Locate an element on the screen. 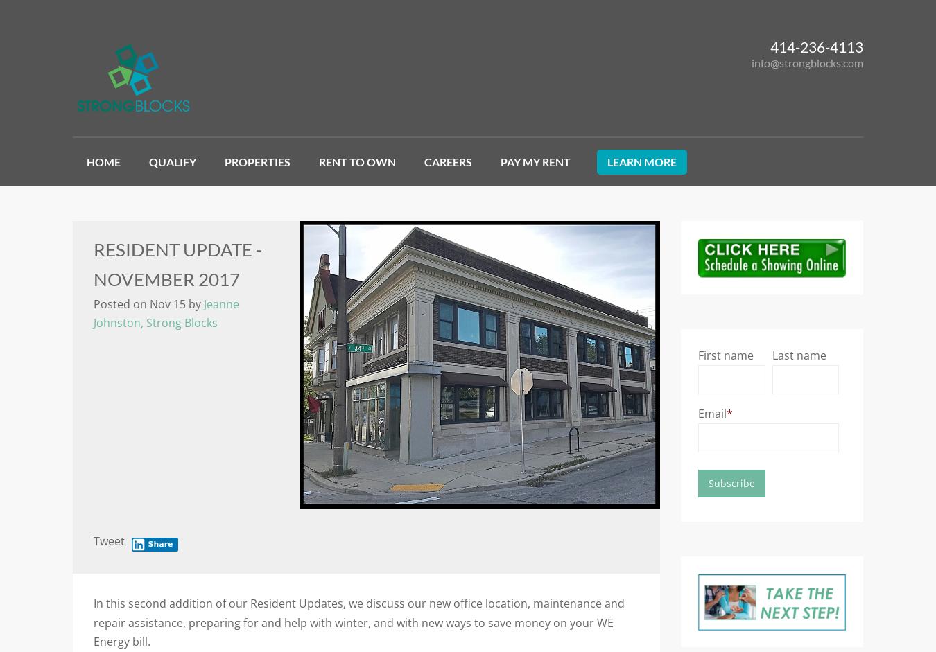 The width and height of the screenshot is (936, 652). 'Last name' is located at coordinates (771, 353).